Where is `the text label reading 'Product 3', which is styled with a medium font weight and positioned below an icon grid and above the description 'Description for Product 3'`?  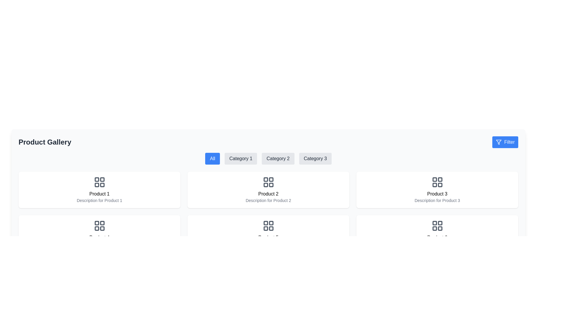 the text label reading 'Product 3', which is styled with a medium font weight and positioned below an icon grid and above the description 'Description for Product 3' is located at coordinates (437, 194).